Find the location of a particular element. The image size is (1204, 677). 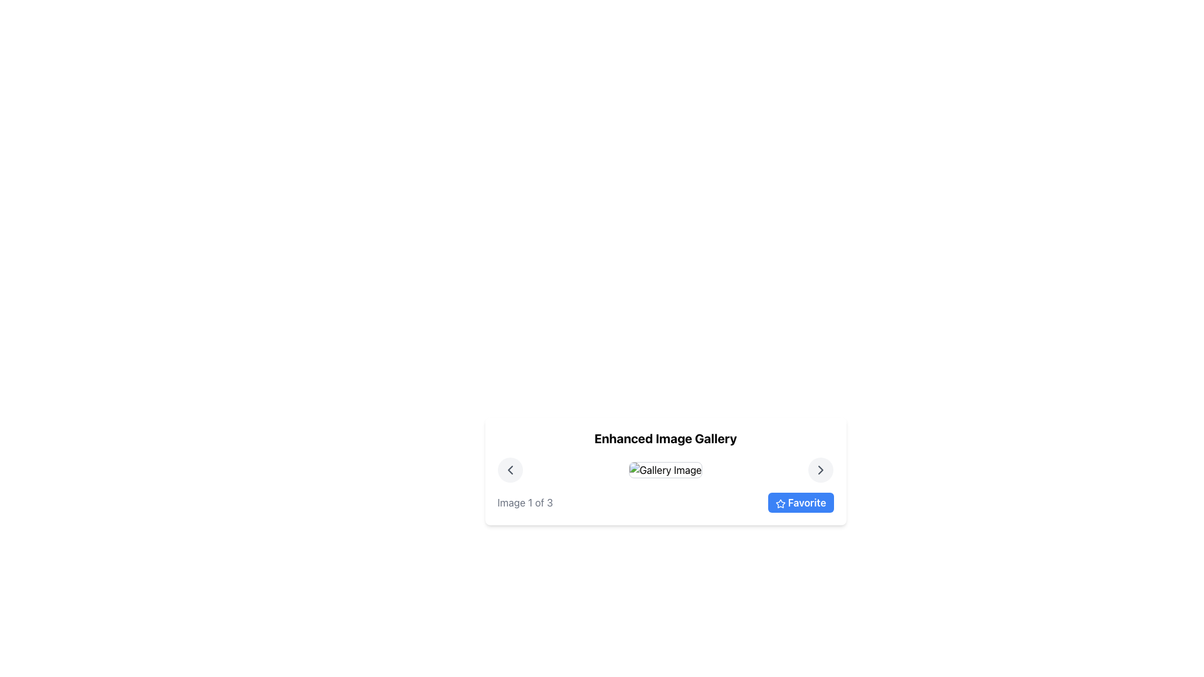

the right arrow SVG icon located inside the circular button at the right edge of the interface's control bar for potential visual effects is located at coordinates (821, 470).